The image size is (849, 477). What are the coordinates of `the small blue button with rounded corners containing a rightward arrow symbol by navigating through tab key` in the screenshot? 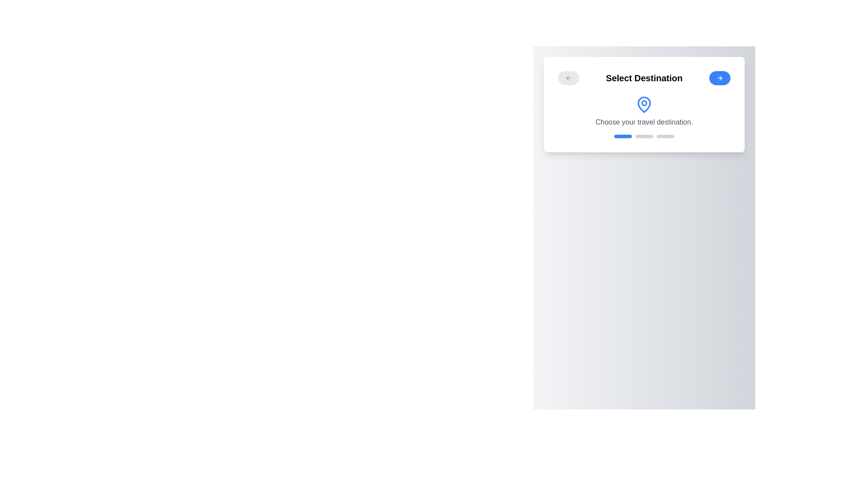 It's located at (719, 78).